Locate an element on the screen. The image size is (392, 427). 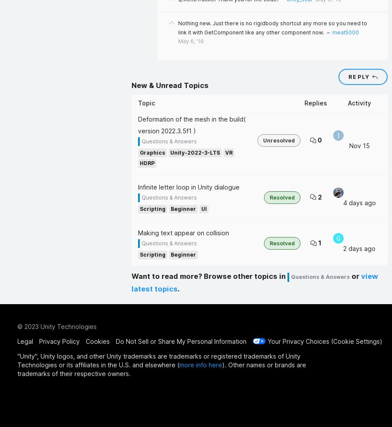
'.' is located at coordinates (179, 288).